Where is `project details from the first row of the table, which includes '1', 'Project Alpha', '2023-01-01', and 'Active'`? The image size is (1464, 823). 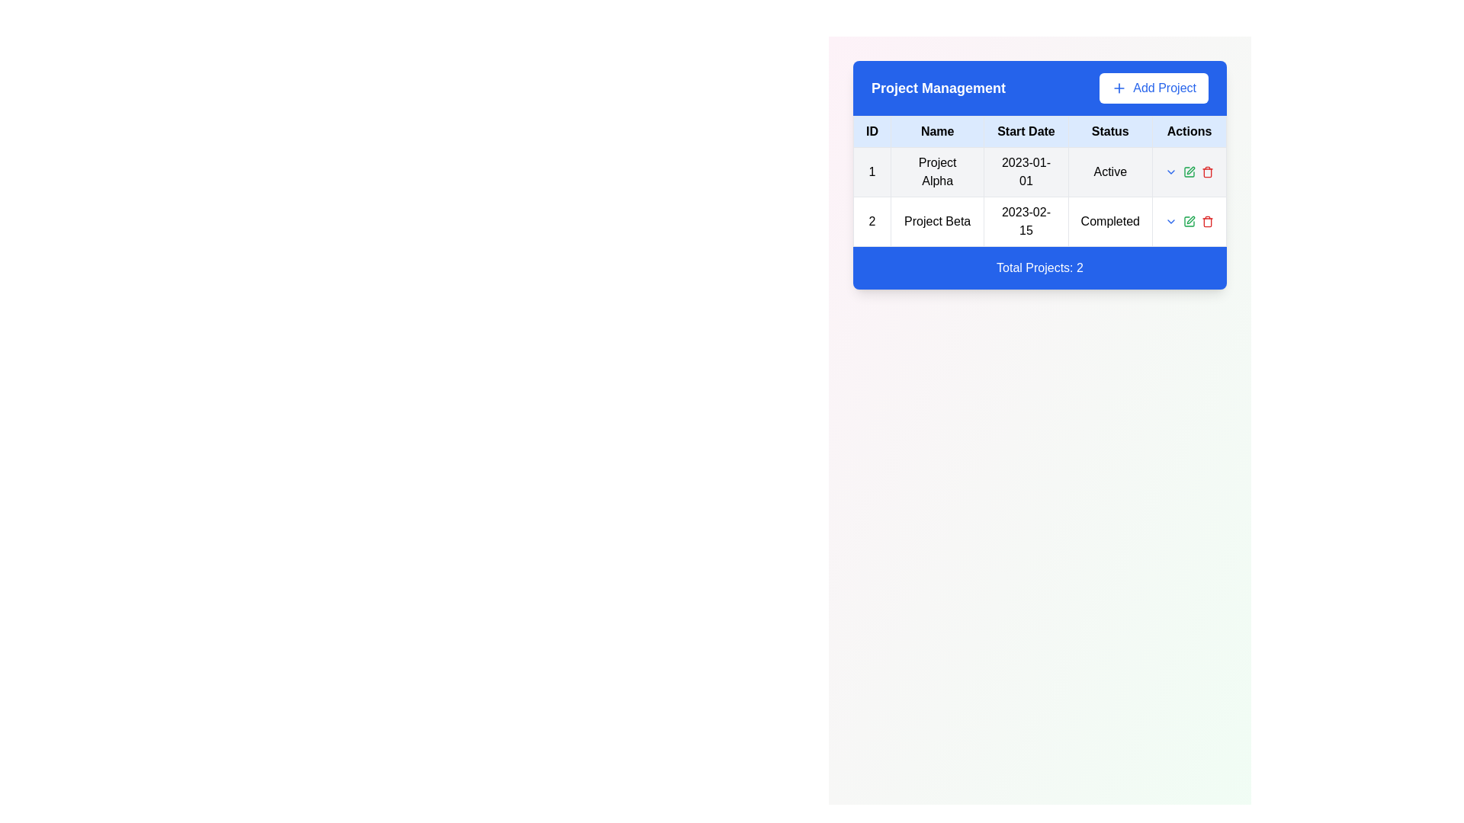
project details from the first row of the table, which includes '1', 'Project Alpha', '2023-01-01', and 'Active' is located at coordinates (1039, 171).